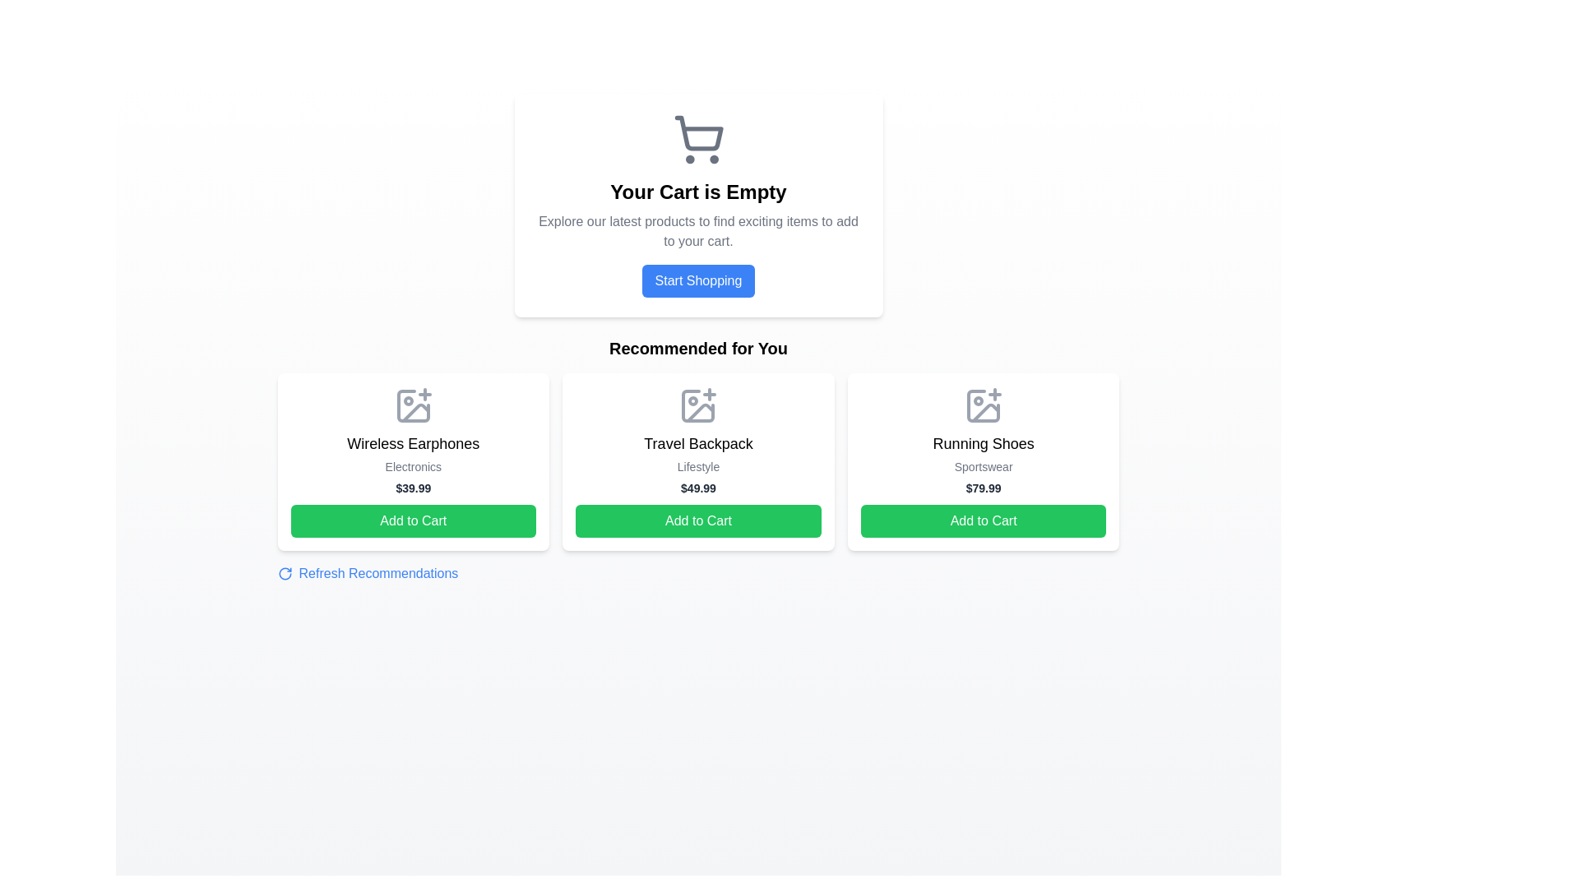 The height and width of the screenshot is (888, 1579). What do you see at coordinates (698, 231) in the screenshot?
I see `the informational text block that prompts the user` at bounding box center [698, 231].